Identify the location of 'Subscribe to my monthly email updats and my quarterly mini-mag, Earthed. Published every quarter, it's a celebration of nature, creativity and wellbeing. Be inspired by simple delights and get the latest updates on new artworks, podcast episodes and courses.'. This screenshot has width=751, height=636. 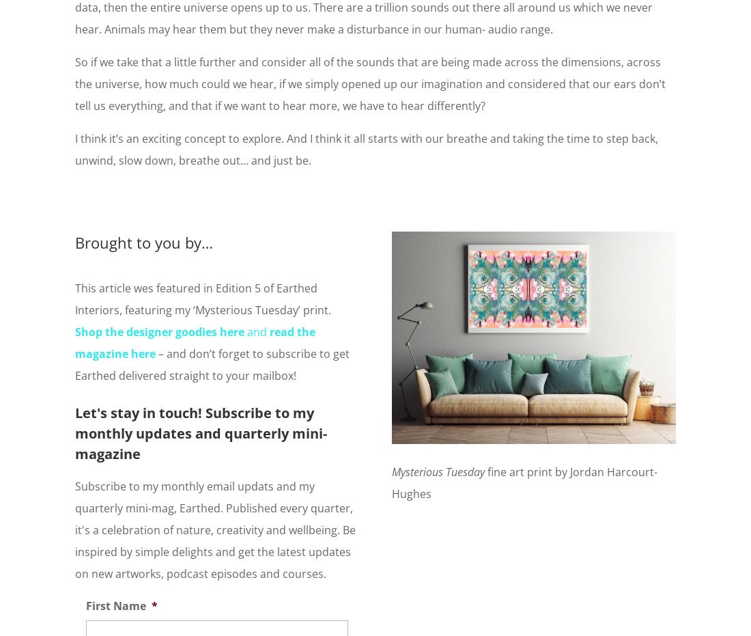
(214, 529).